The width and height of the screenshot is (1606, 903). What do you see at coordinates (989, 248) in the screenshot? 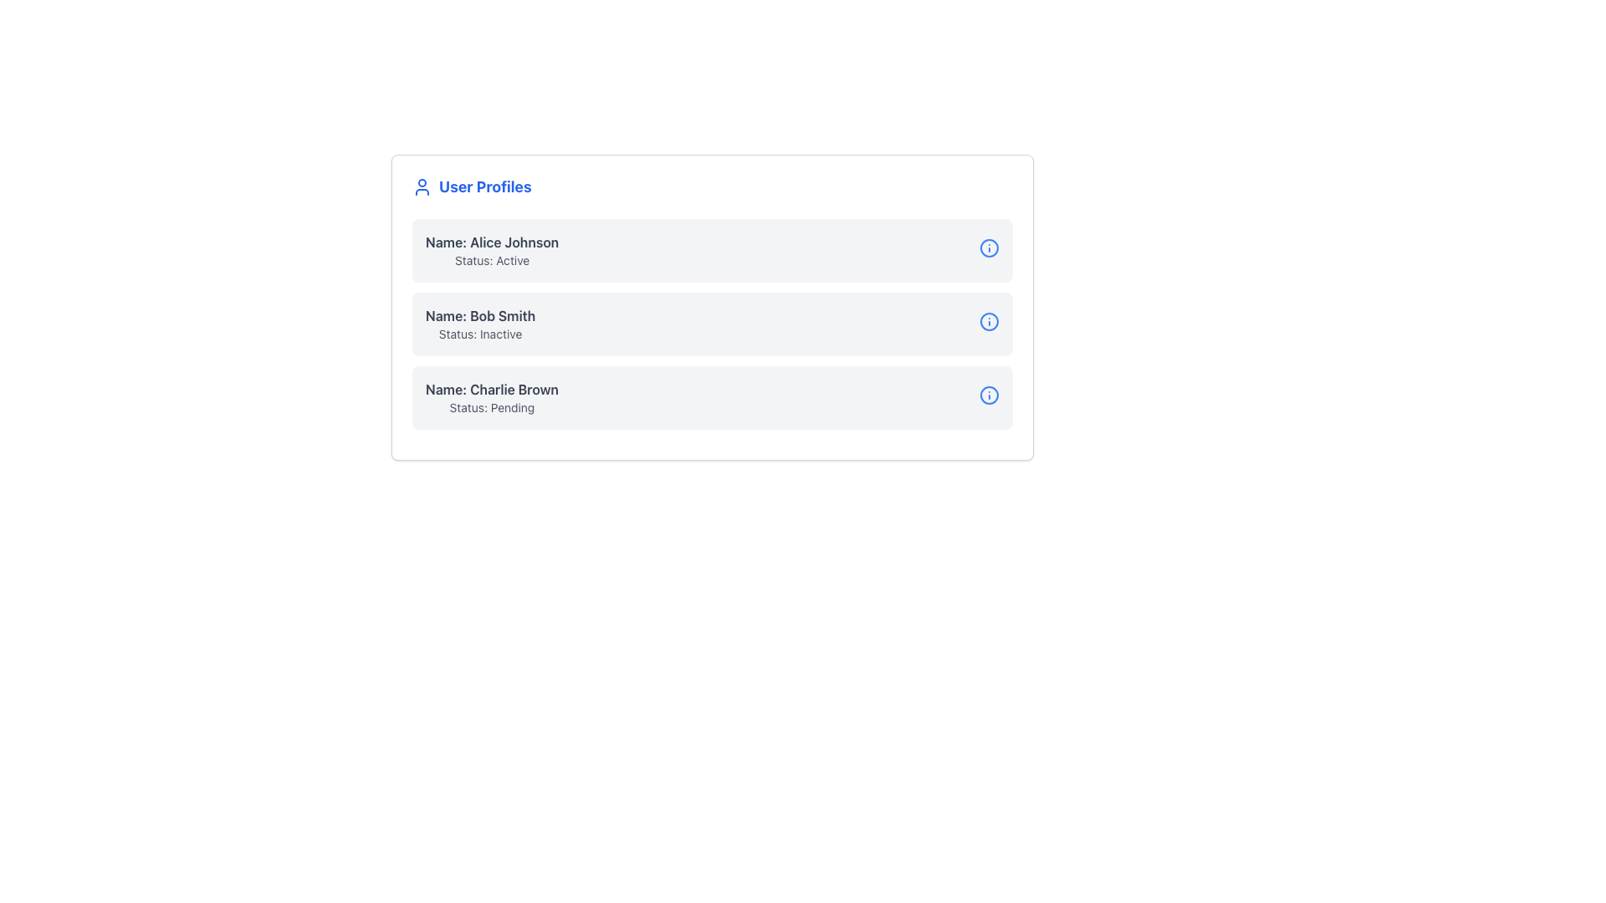
I see `the information icon located at the far-right of the item listing 'Name: Alice Johnson Status: Active'` at bounding box center [989, 248].